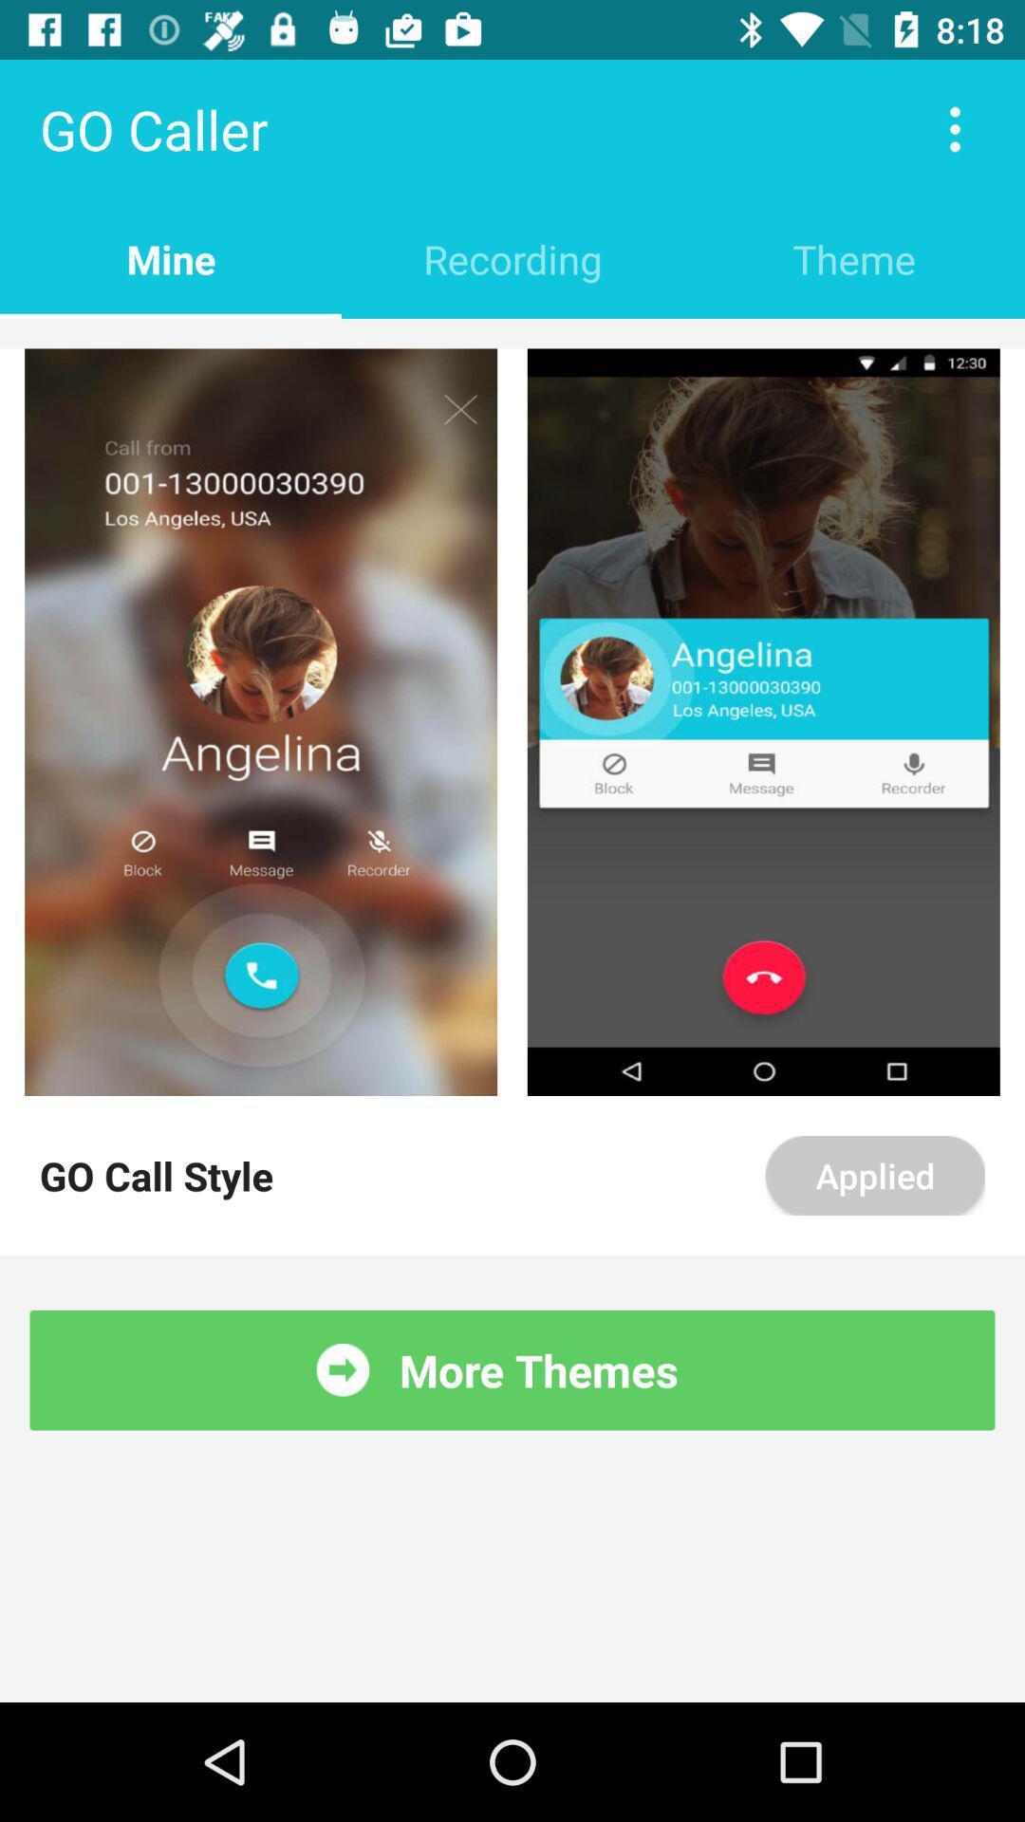 Image resolution: width=1025 pixels, height=1822 pixels. I want to click on the item next to mine, so click(512, 258).